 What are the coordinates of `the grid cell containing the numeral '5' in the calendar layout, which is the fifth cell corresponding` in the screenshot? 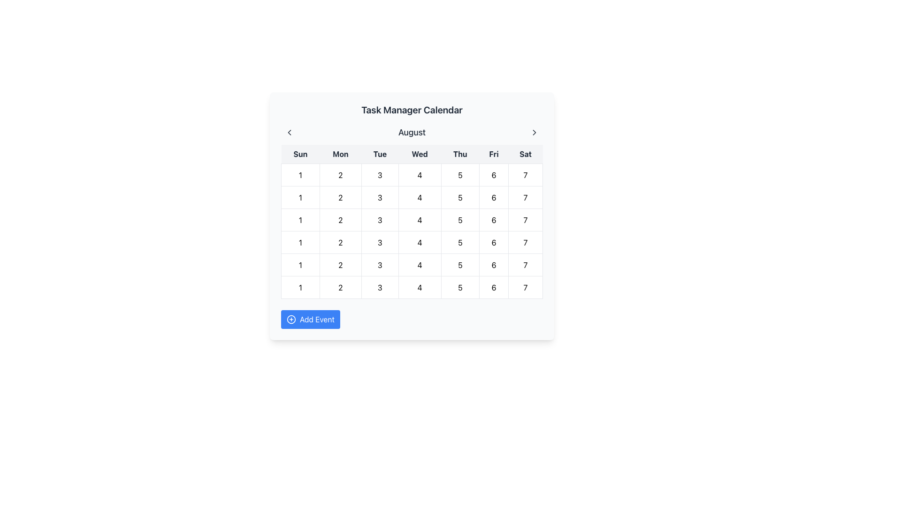 It's located at (460, 197).